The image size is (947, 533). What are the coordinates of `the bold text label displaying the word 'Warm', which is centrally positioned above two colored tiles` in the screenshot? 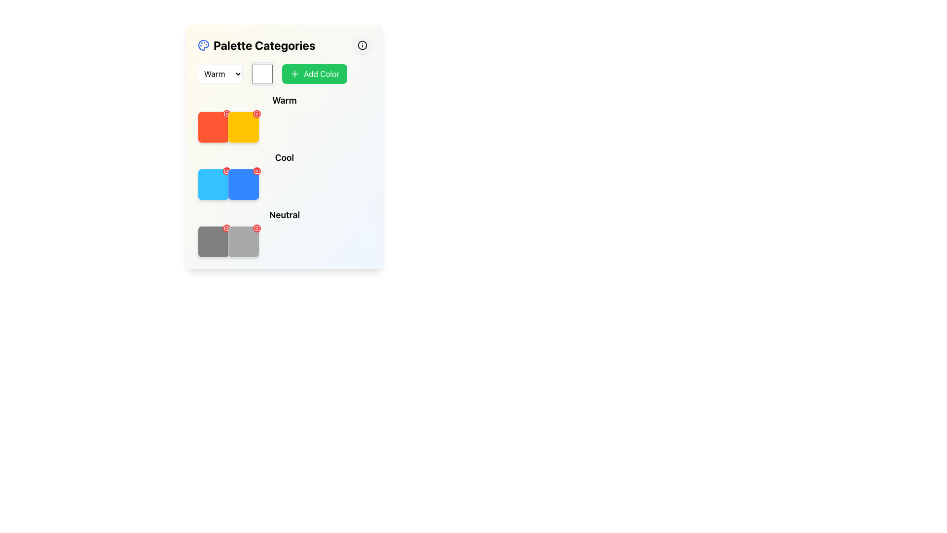 It's located at (284, 101).